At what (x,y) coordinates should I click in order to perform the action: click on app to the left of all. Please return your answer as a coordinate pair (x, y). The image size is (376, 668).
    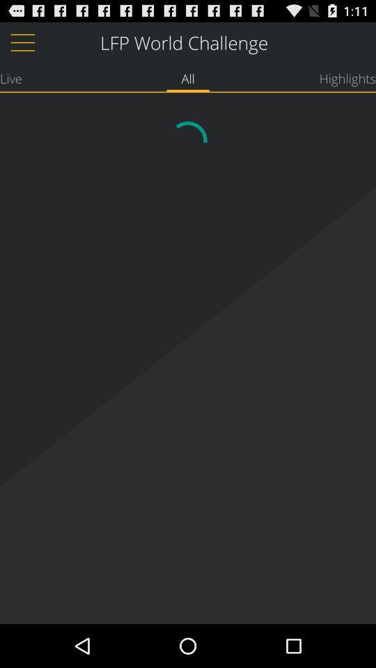
    Looking at the image, I should click on (10, 78).